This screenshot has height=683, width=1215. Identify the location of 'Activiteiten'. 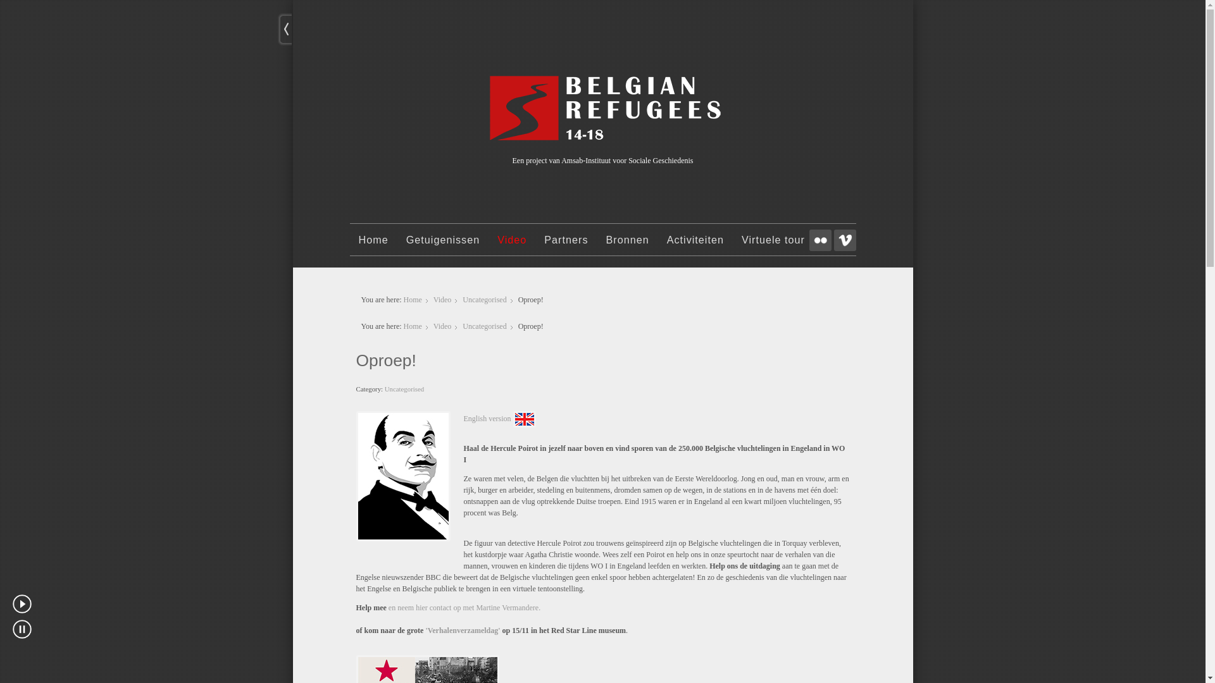
(658, 245).